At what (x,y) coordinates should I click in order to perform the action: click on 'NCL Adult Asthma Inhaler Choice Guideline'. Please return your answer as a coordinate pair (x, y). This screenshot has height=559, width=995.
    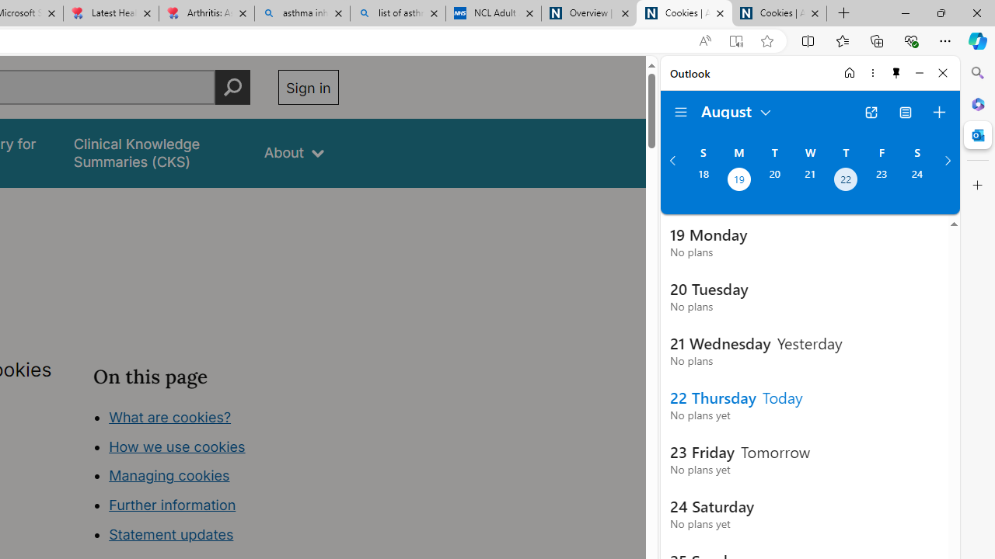
    Looking at the image, I should click on (492, 13).